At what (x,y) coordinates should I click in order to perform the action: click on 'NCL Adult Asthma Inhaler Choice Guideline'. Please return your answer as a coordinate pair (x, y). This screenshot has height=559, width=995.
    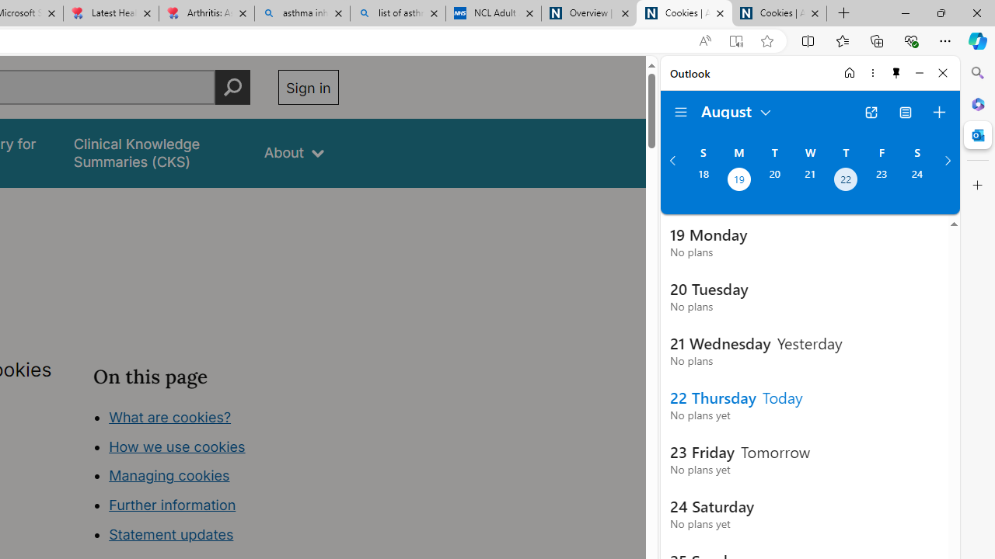
    Looking at the image, I should click on (492, 13).